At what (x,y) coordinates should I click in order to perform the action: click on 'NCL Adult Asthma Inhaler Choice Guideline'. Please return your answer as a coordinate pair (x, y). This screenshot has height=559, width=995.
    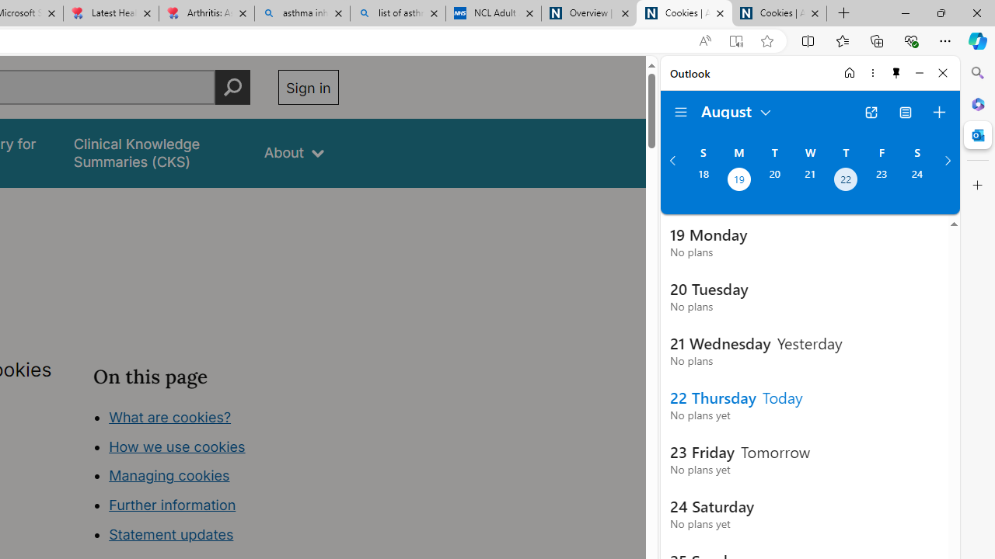
    Looking at the image, I should click on (492, 13).